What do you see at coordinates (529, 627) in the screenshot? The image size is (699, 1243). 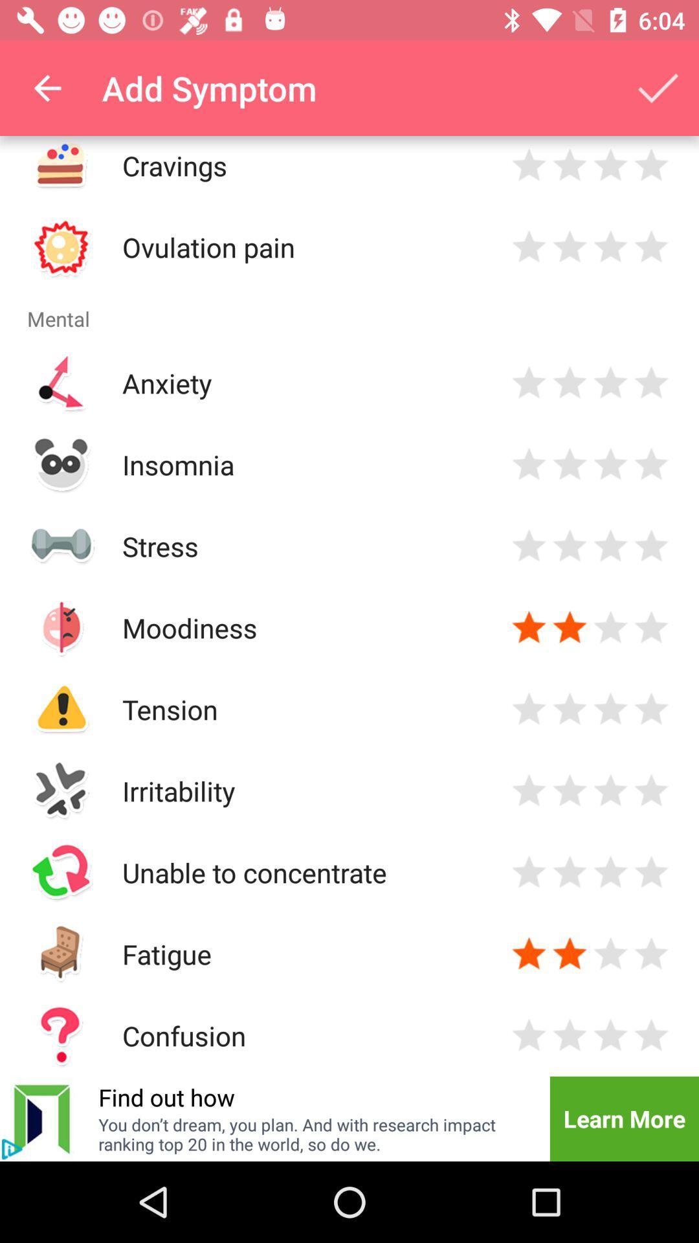 I see `a star` at bounding box center [529, 627].